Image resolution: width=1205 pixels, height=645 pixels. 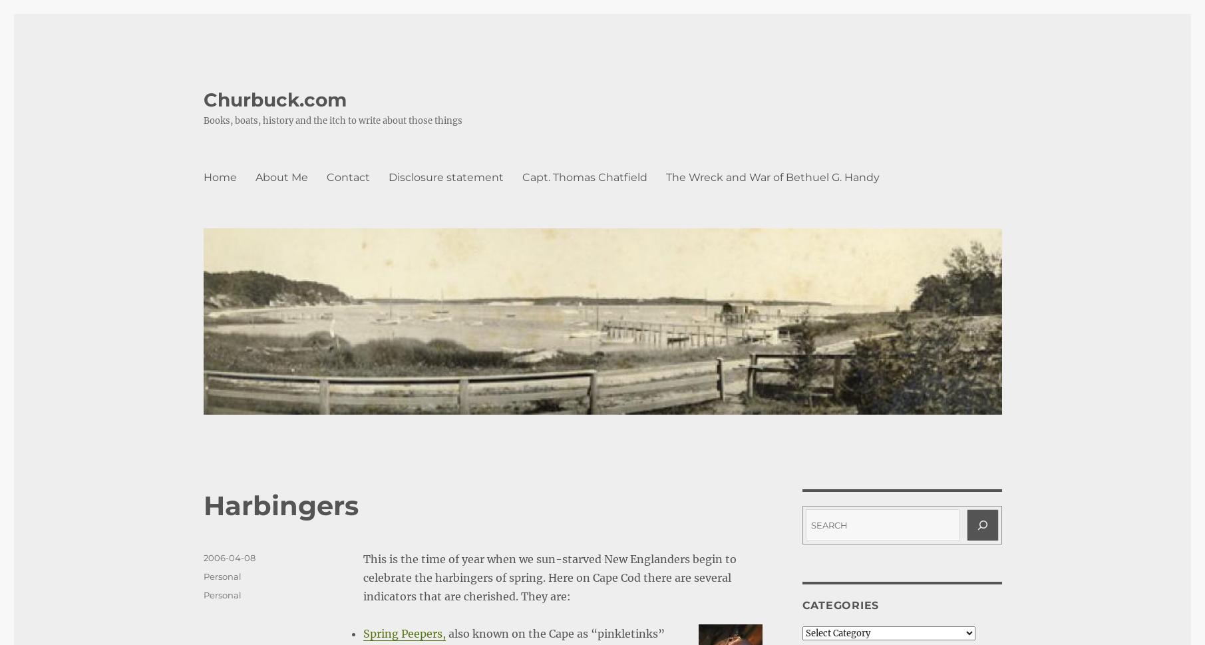 I want to click on '2006-04-08', so click(x=228, y=557).